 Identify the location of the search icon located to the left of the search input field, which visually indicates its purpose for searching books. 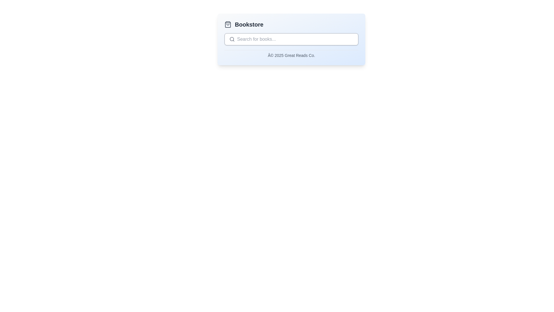
(232, 39).